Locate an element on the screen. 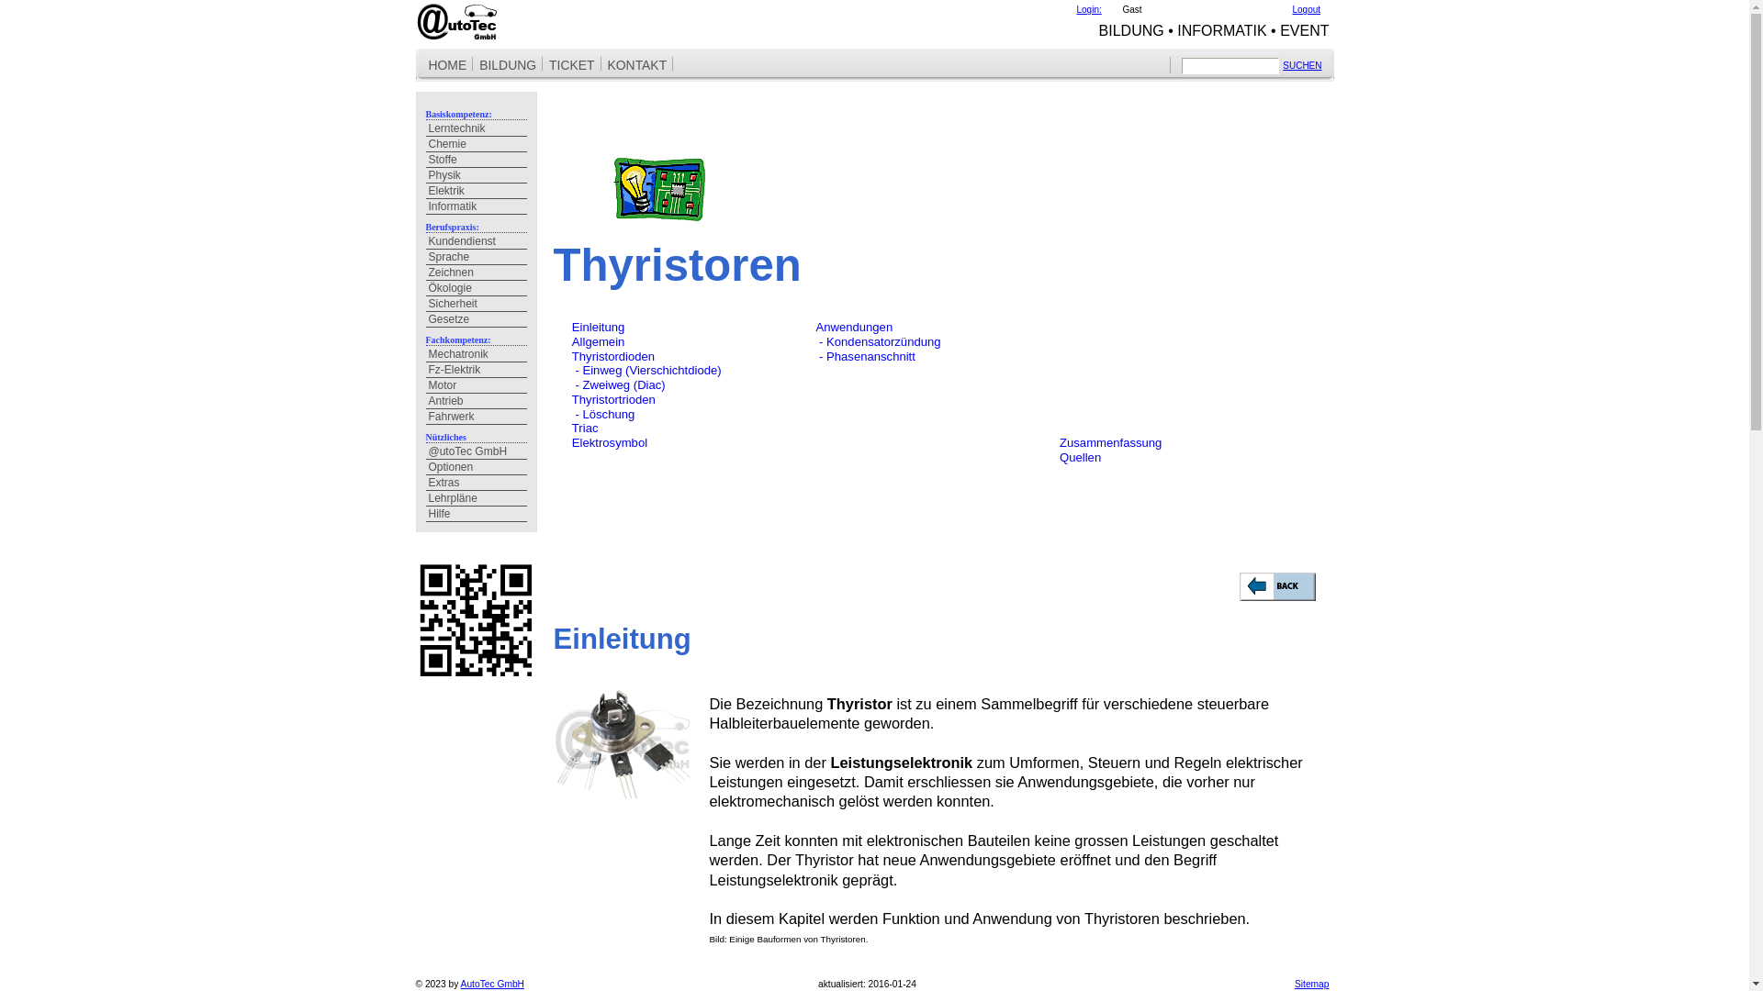  'Allgemein' is located at coordinates (599, 341).